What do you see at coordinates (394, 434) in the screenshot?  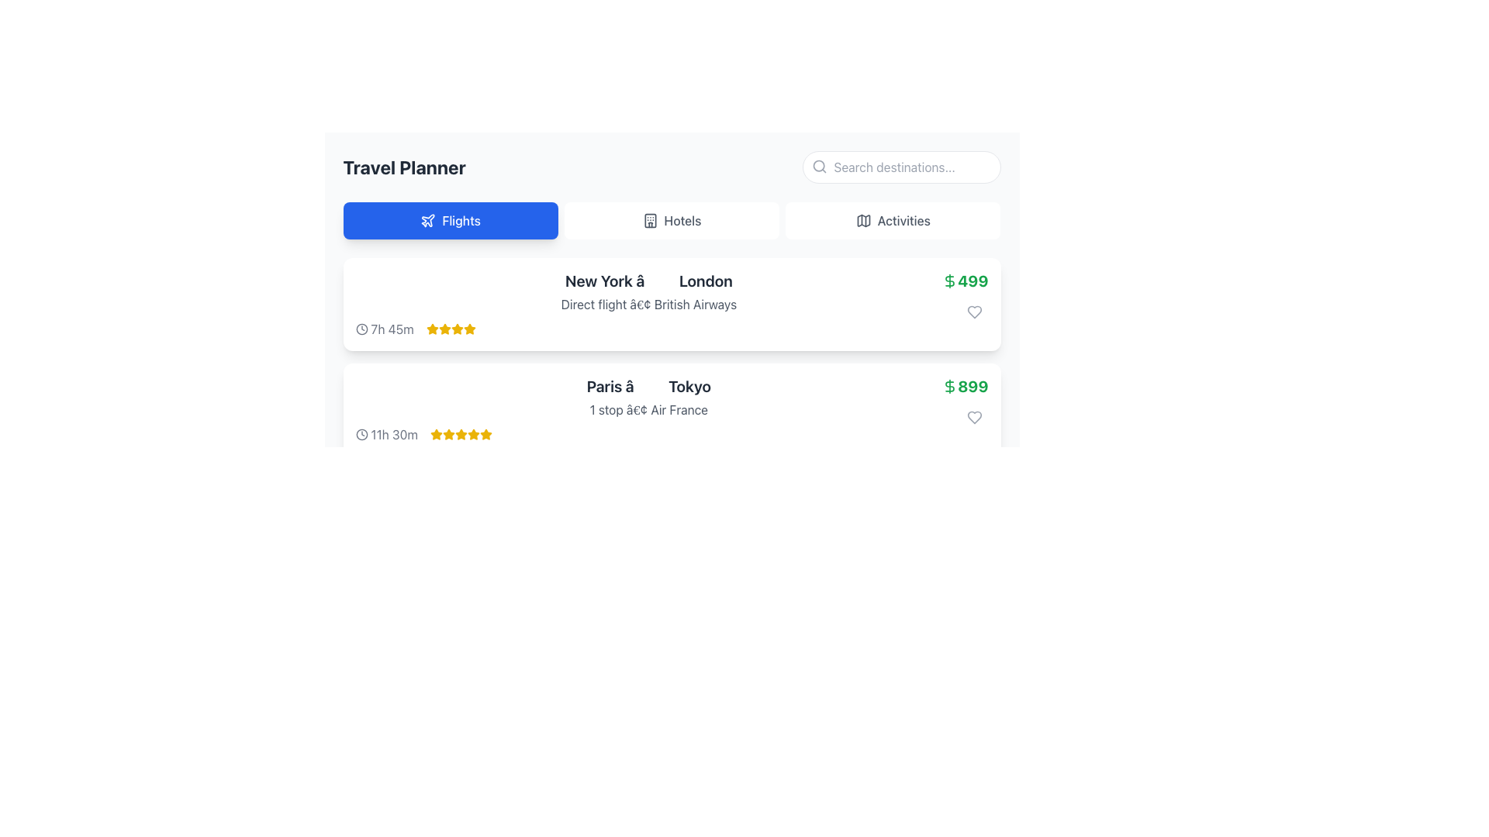 I see `the static text component displaying '11h 30m', which is positioned next to a clock icon within the travel plan details section beneath 'Paris to Tokyo'` at bounding box center [394, 434].